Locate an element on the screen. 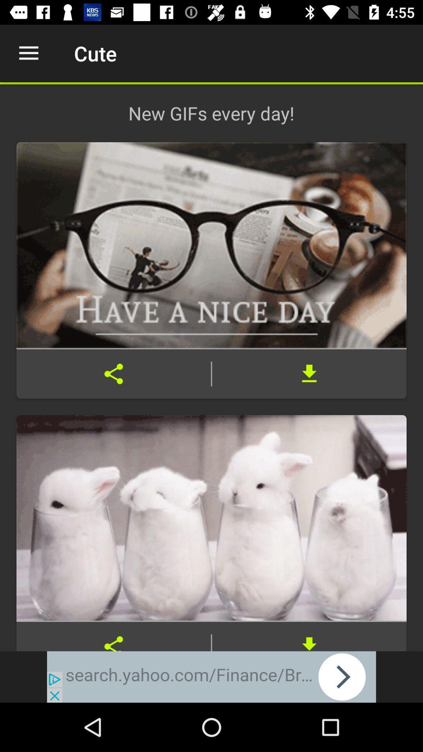  play is located at coordinates (211, 676).